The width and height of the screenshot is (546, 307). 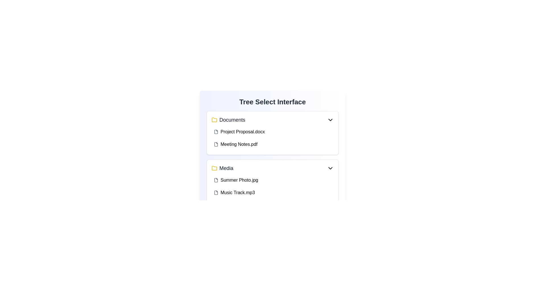 What do you see at coordinates (216, 144) in the screenshot?
I see `the file icon representing 'Meeting Notes.pdf'` at bounding box center [216, 144].